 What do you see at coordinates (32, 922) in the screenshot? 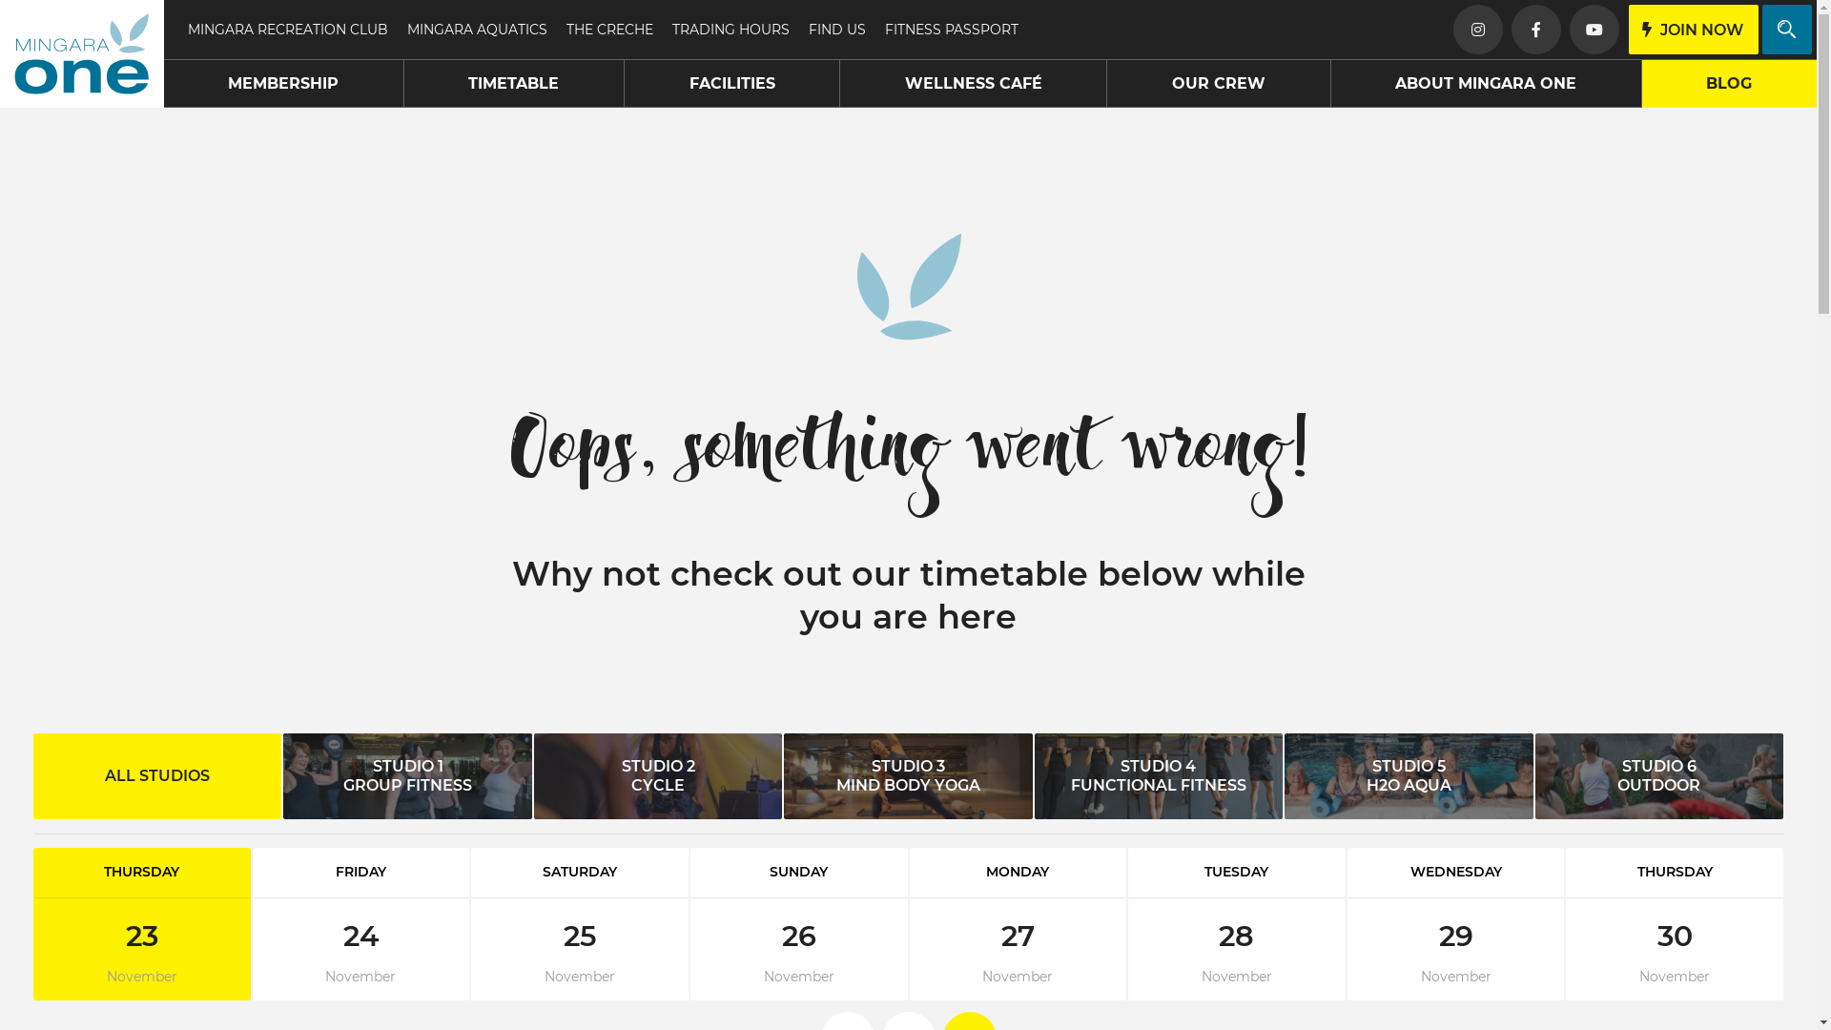
I see `'THURSDAY` at bounding box center [32, 922].